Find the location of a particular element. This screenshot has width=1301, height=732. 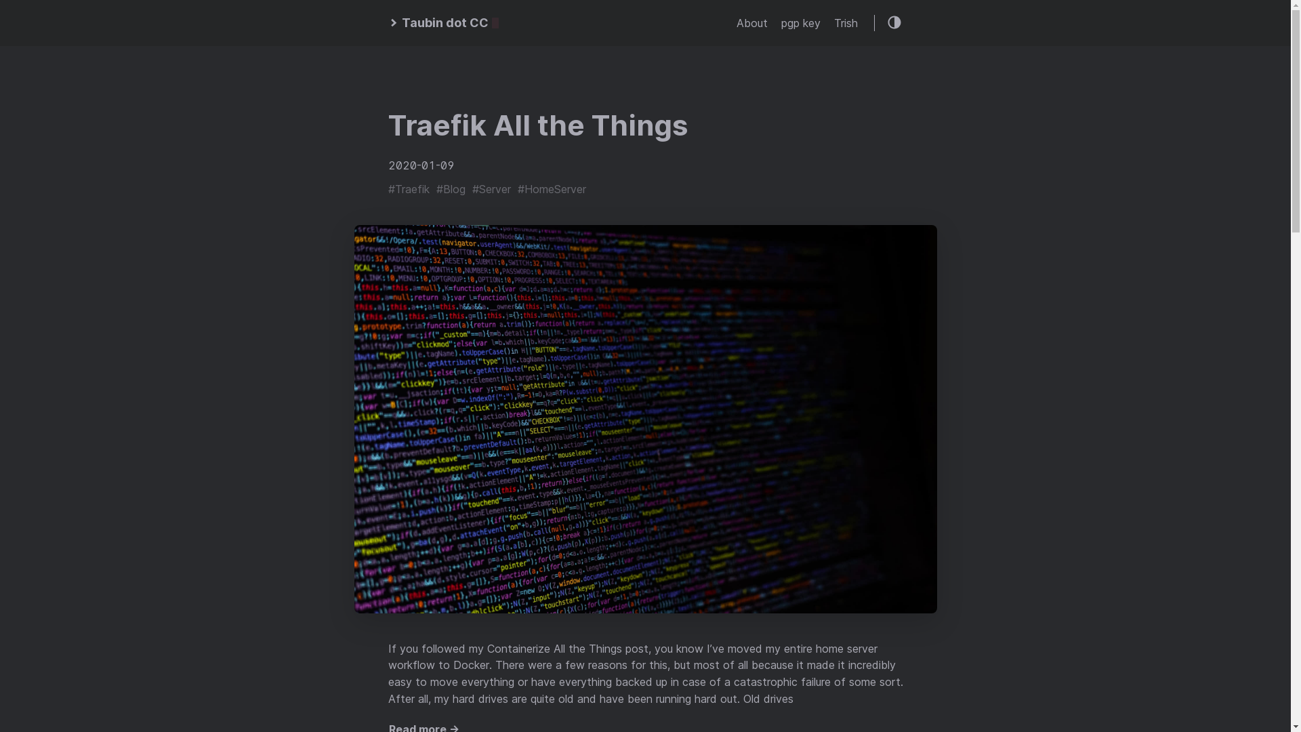

'#Blog' is located at coordinates (451, 188).